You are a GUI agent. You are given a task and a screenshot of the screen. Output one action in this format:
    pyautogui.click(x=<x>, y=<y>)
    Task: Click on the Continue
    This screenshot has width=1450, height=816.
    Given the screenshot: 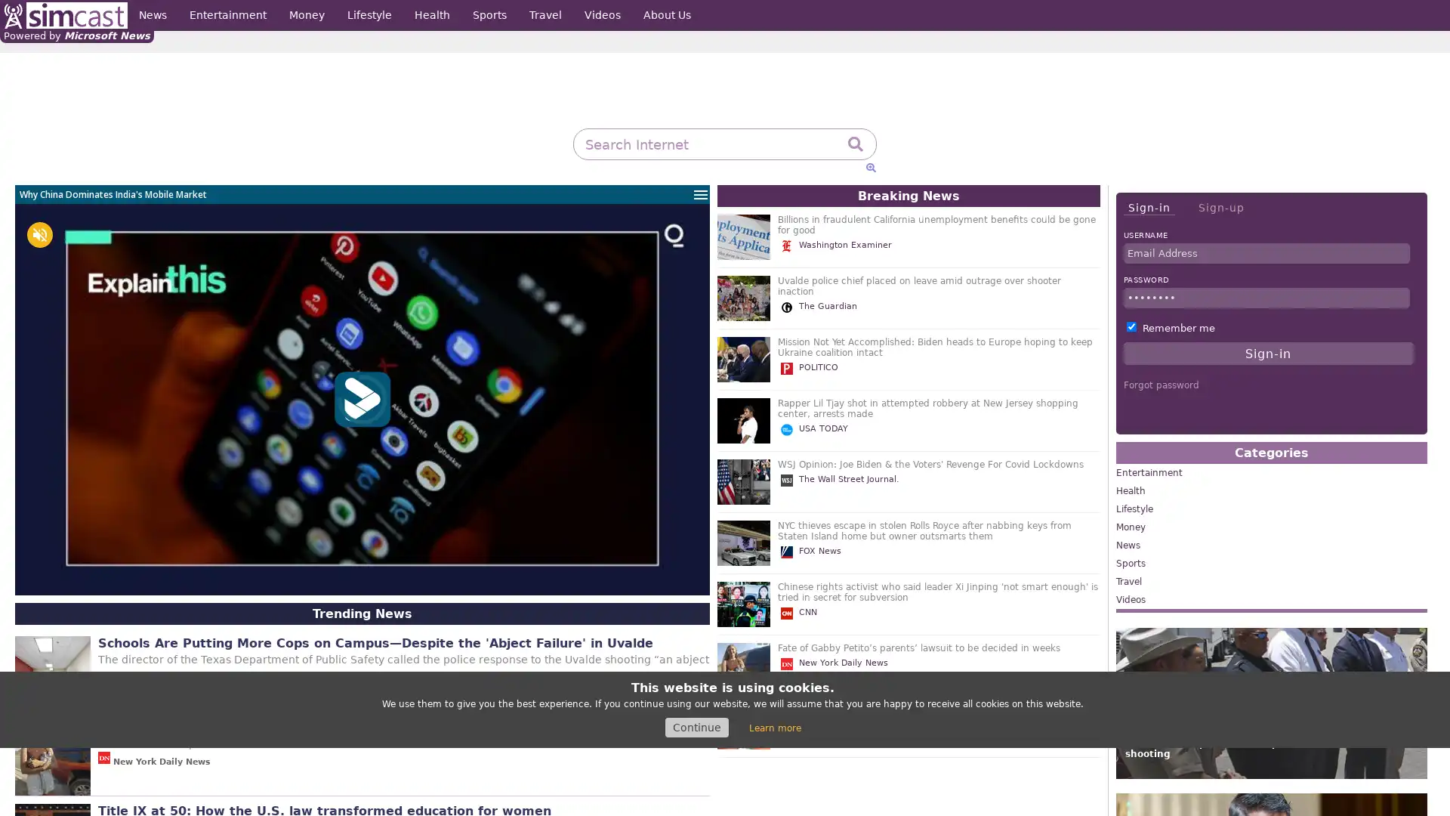 What is the action you would take?
    pyautogui.click(x=696, y=727)
    